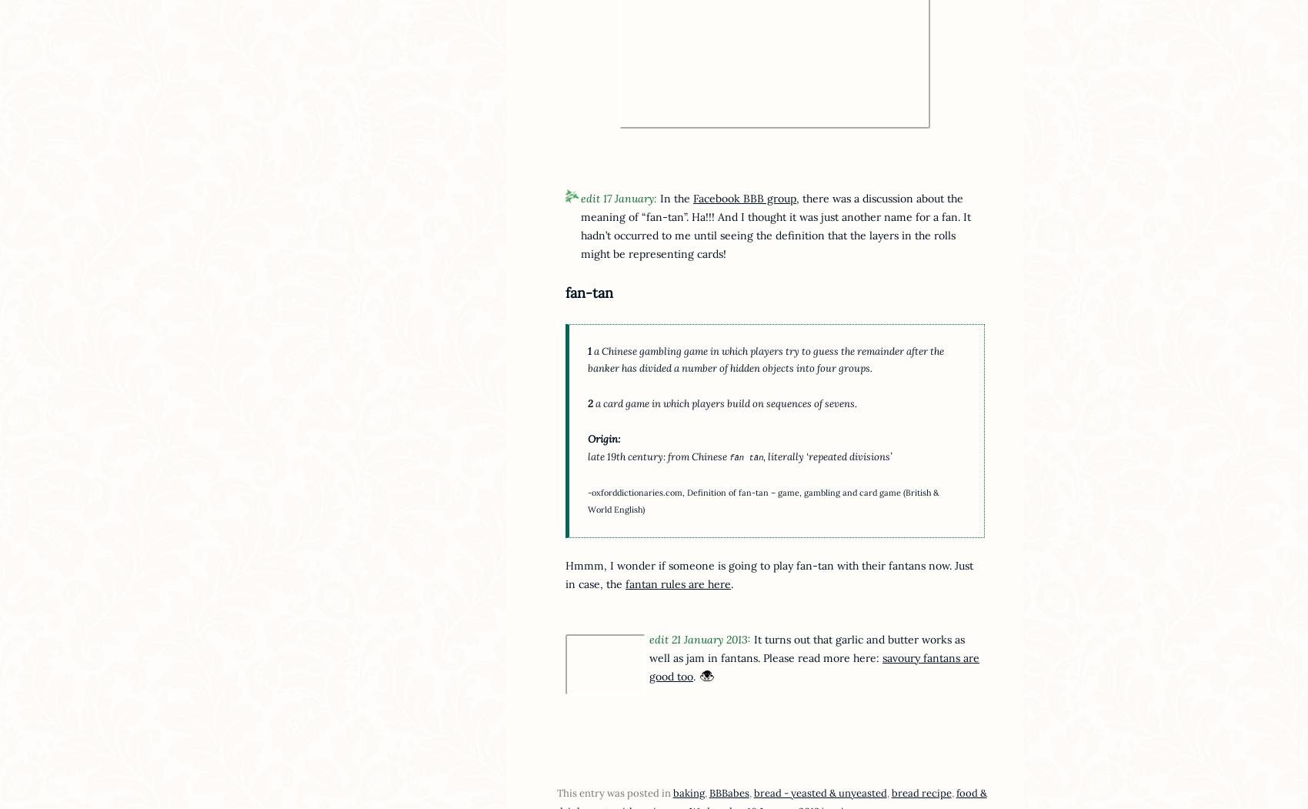  What do you see at coordinates (677, 583) in the screenshot?
I see `'fantan rules are here'` at bounding box center [677, 583].